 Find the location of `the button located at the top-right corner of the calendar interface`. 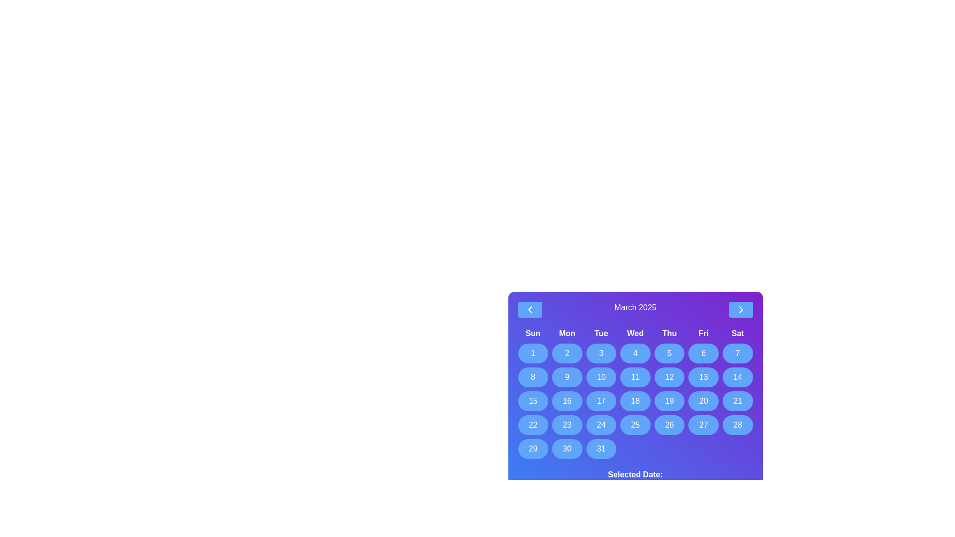

the button located at the top-right corner of the calendar interface is located at coordinates (741, 309).